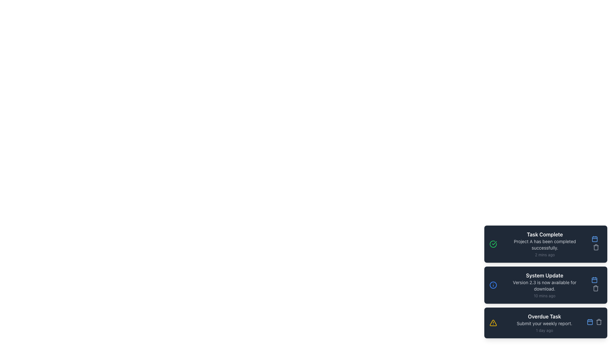 This screenshot has width=615, height=346. What do you see at coordinates (544, 285) in the screenshot?
I see `the text label that says 'Version 2.3 is now available for download.' It is styled in a smaller gray font and is located below the 'System Update' title and above the '10 mins ago' text` at bounding box center [544, 285].